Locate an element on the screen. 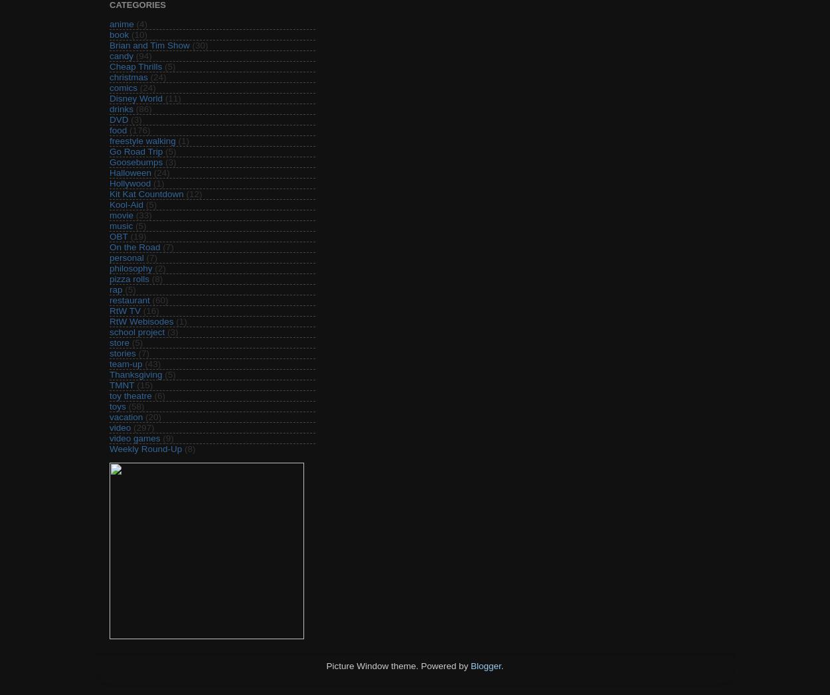 The height and width of the screenshot is (695, 830). '(12)' is located at coordinates (186, 193).